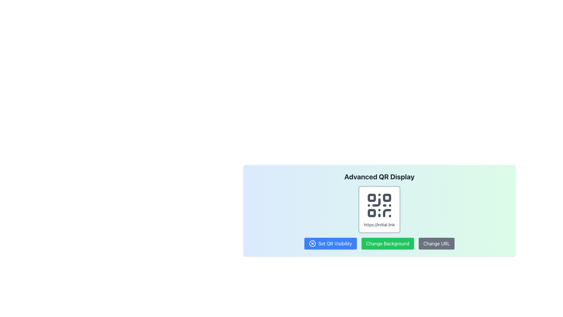  Describe the element at coordinates (379, 243) in the screenshot. I see `the button that allows users to change the background of the displayed QR code, located between the 'Set QR Visibility' button and the 'Change URL' button in the 'Advanced QR Display' panel` at that location.